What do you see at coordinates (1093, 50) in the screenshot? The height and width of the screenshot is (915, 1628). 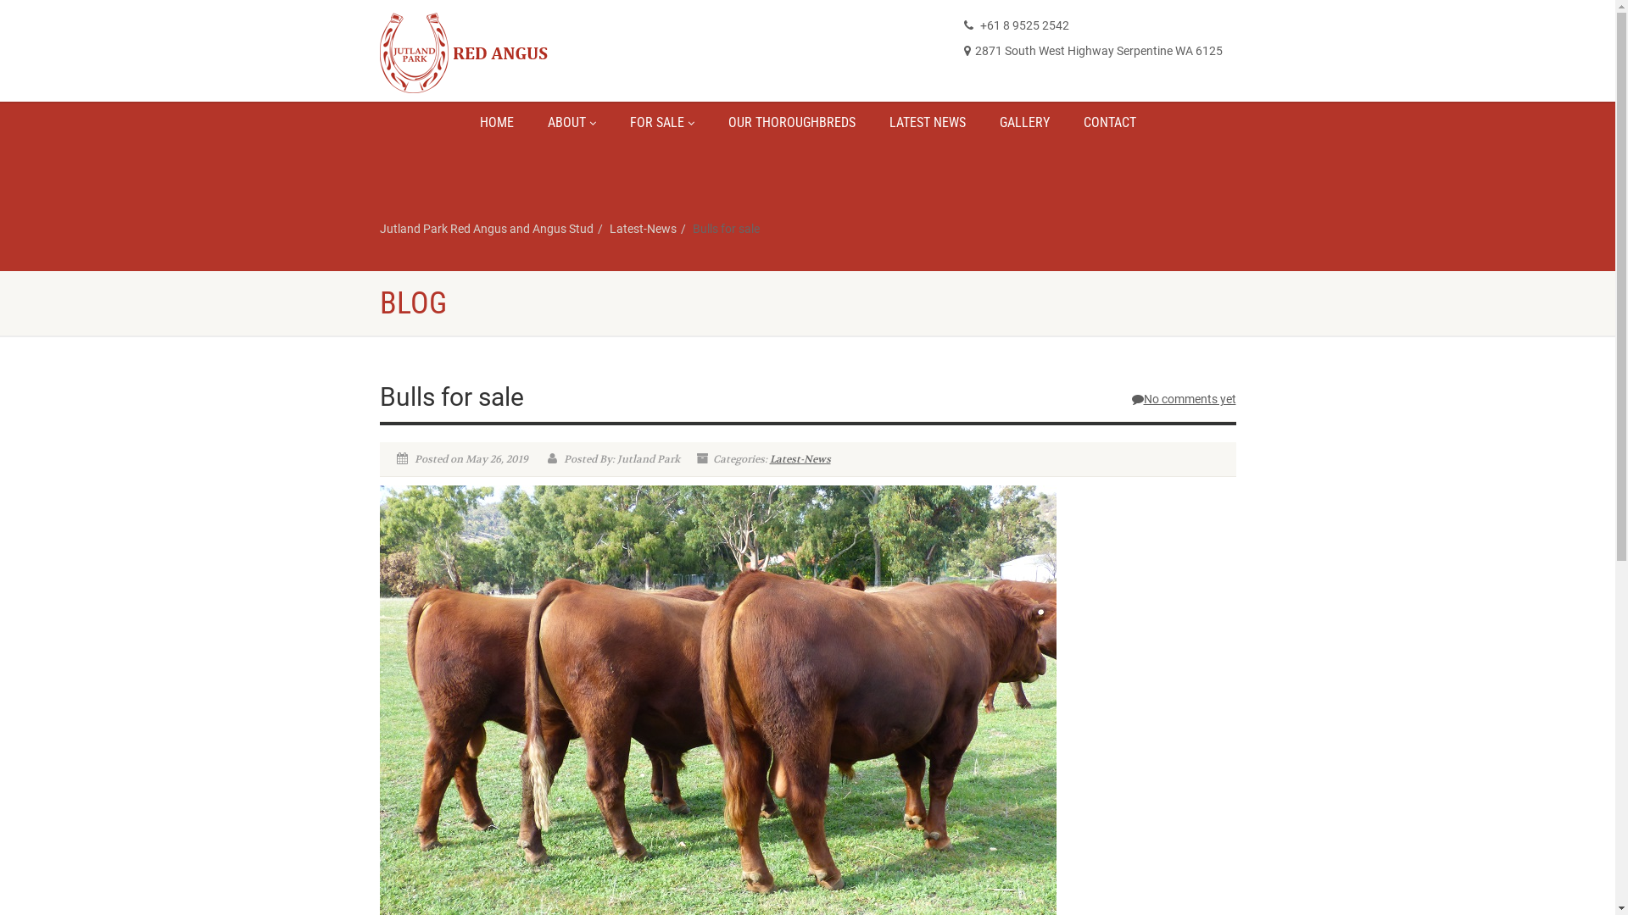 I see `'2871 South West Highway Serpentine WA 6125'` at bounding box center [1093, 50].